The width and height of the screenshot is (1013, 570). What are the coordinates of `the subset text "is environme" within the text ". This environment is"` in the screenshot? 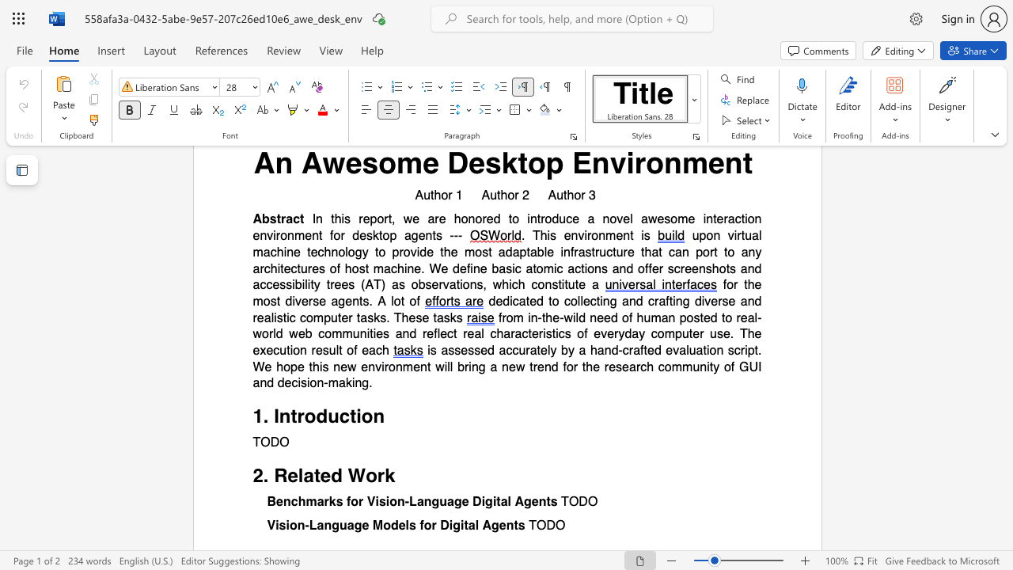 It's located at (547, 236).